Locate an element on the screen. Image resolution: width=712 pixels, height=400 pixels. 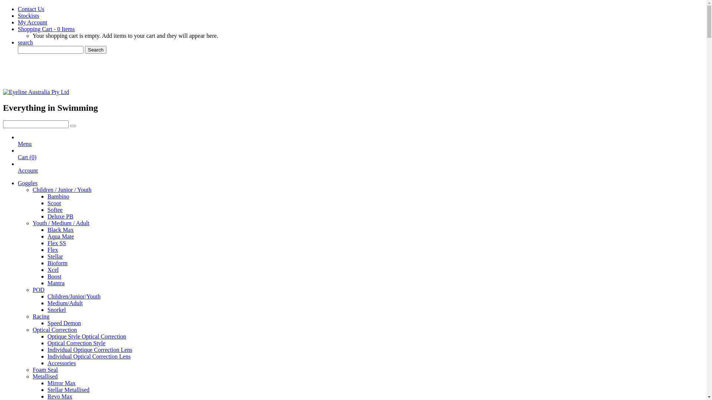
'Mirror Max' is located at coordinates (62, 383).